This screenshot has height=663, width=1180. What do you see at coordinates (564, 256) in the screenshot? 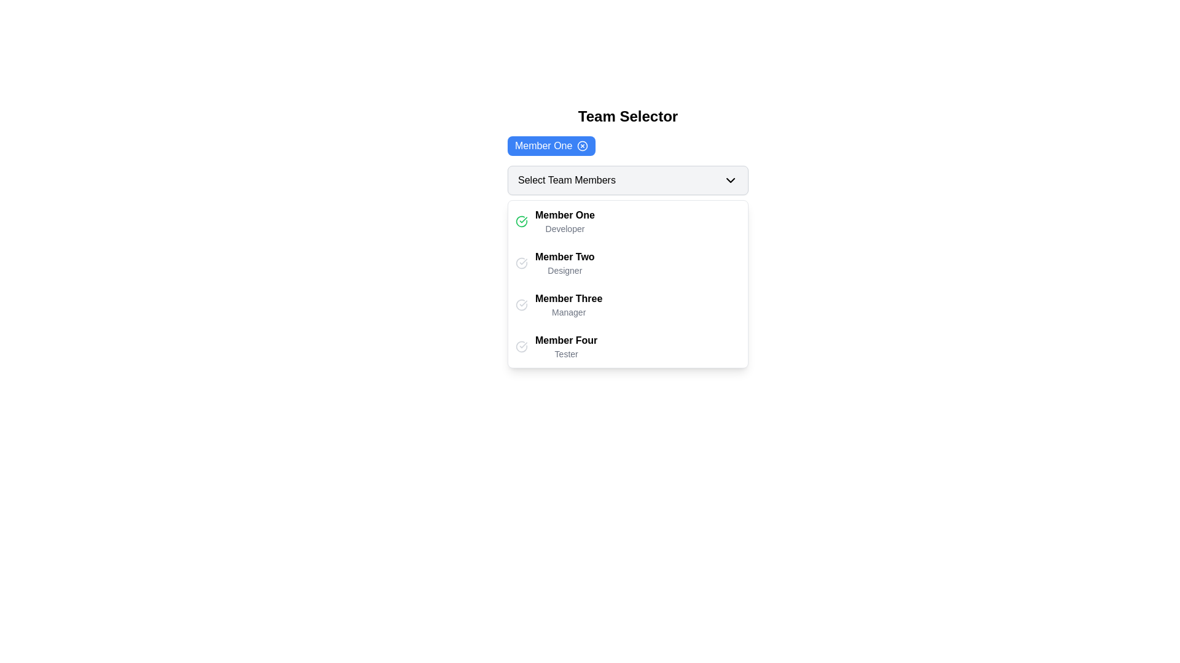
I see `text element representing 'Member Two' in the team selection dropdown menu, located above the subtitle 'Designer'` at bounding box center [564, 256].